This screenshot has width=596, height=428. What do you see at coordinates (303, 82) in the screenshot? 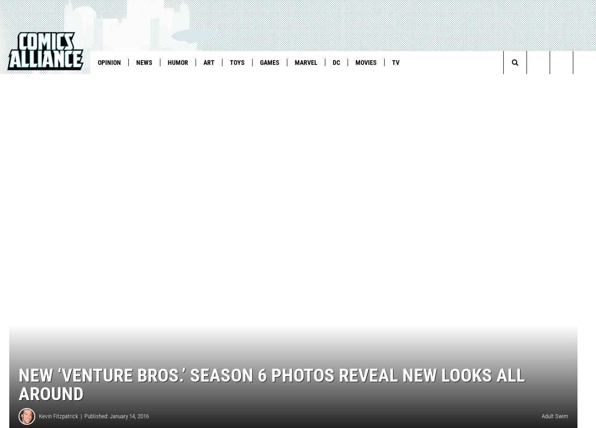
I see `'YTYK Cartoons'` at bounding box center [303, 82].